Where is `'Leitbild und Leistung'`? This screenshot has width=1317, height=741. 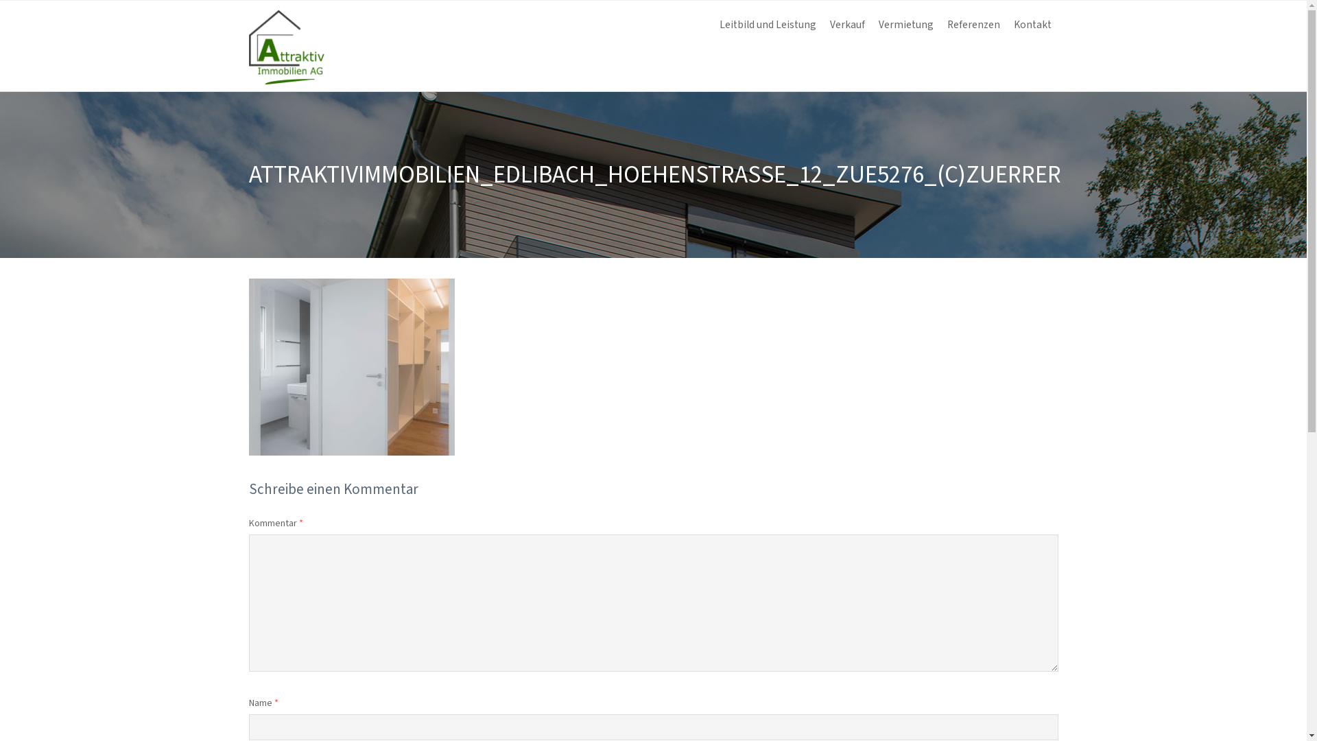 'Leitbild und Leistung' is located at coordinates (766, 25).